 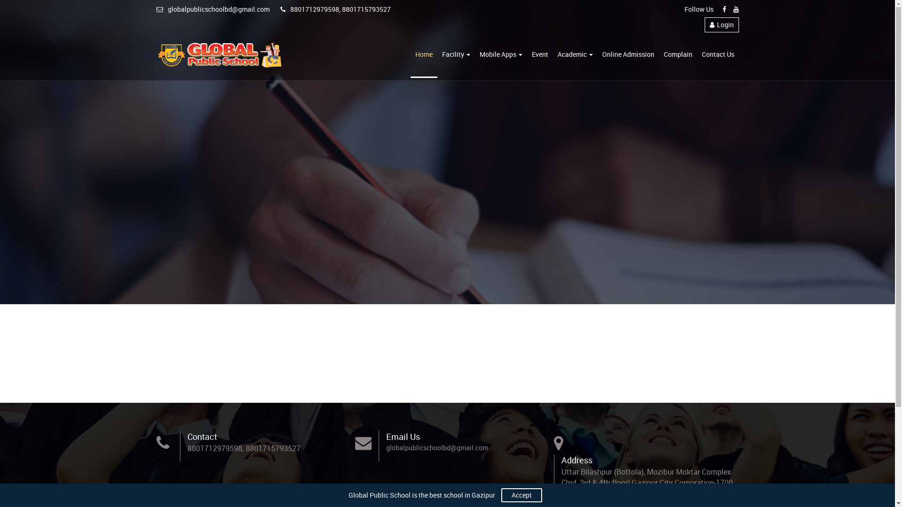 I want to click on 'Home', so click(x=423, y=55).